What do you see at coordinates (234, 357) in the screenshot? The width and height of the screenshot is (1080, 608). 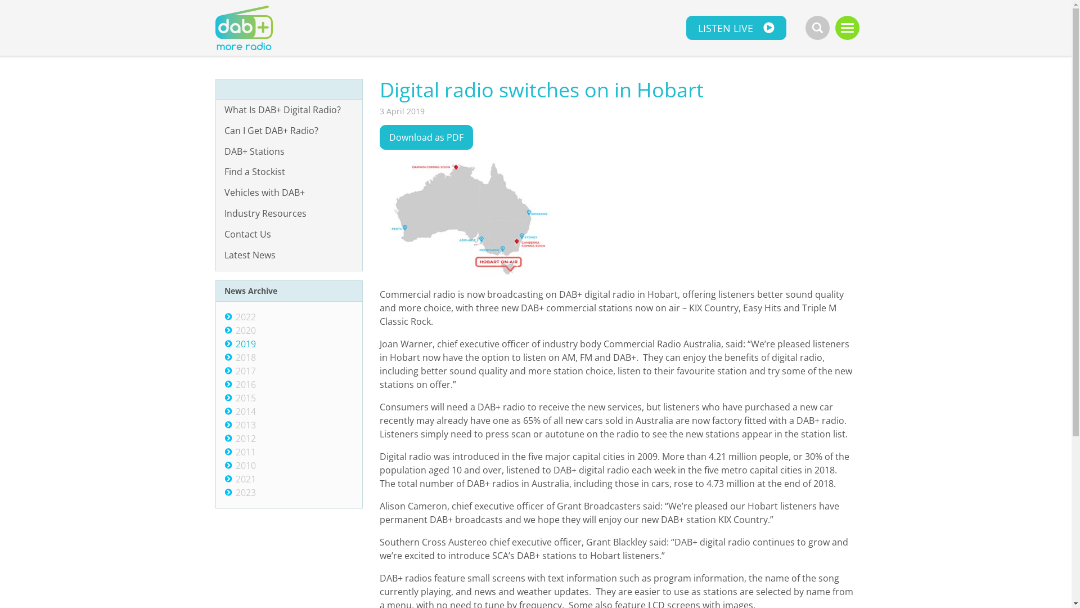 I see `'2018'` at bounding box center [234, 357].